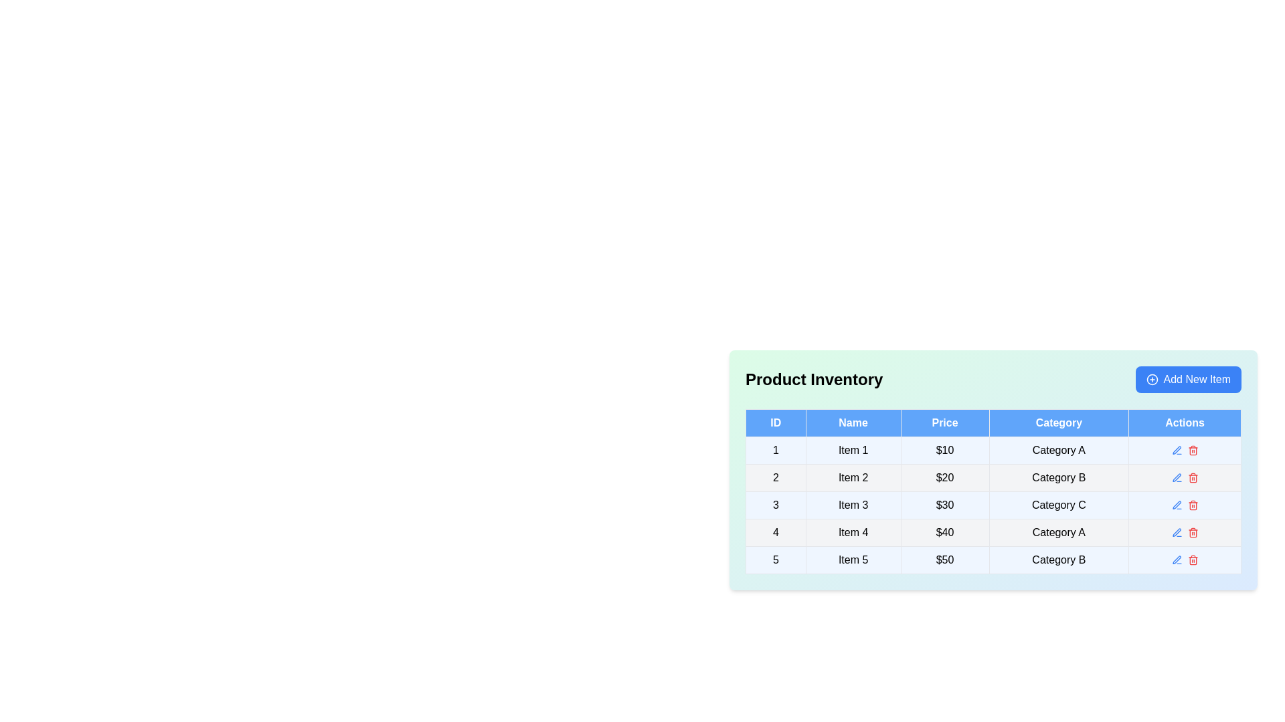 Image resolution: width=1285 pixels, height=722 pixels. Describe the element at coordinates (775, 477) in the screenshot. I see `the row containing the textual identifier in the second row and first column of the 'Product Inventory' table` at that location.